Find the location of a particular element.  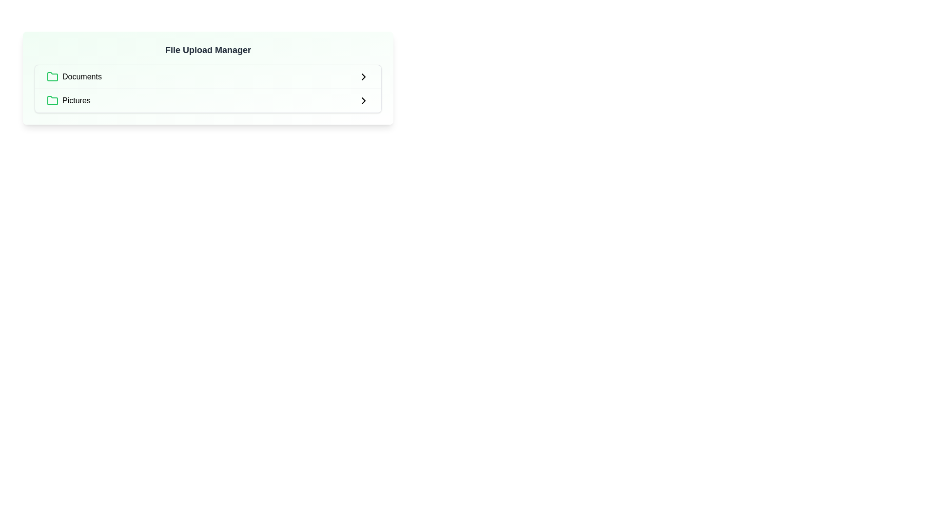

the arrow icon located in the bottom row of the right panel of the file upload manager interface is located at coordinates (363, 101).